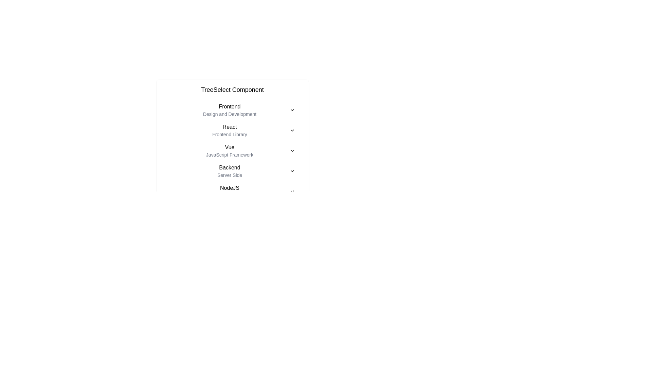  Describe the element at coordinates (230, 155) in the screenshot. I see `the text label displaying 'JavaScript Framework' in gray, located under the 'Vue' header in the expandable category` at that location.